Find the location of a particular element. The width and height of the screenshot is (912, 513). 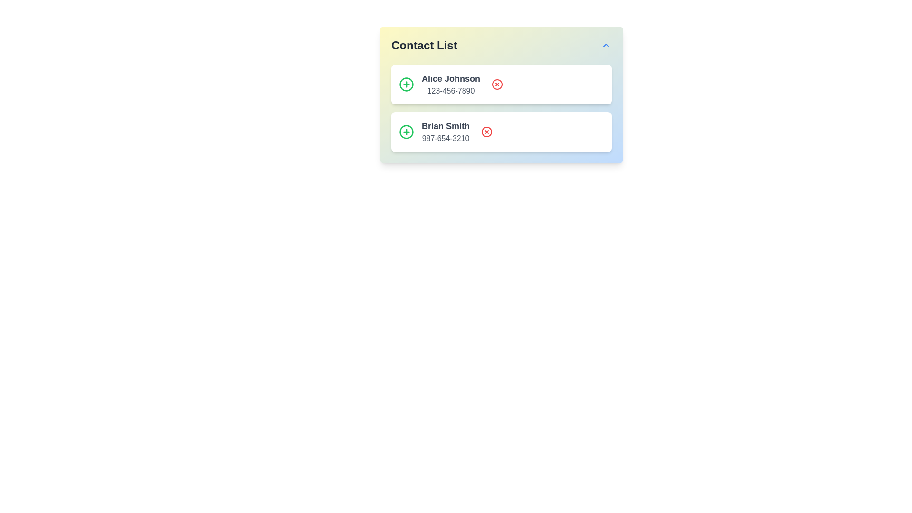

the 'delete' button next to 'Brian Smith' is located at coordinates (487, 132).